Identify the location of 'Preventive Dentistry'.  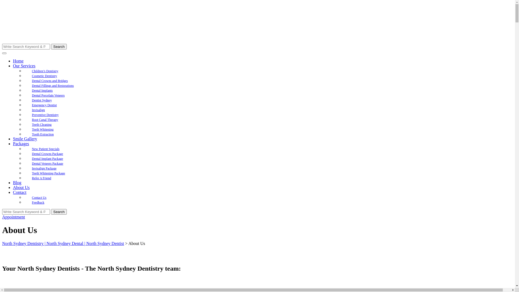
(45, 114).